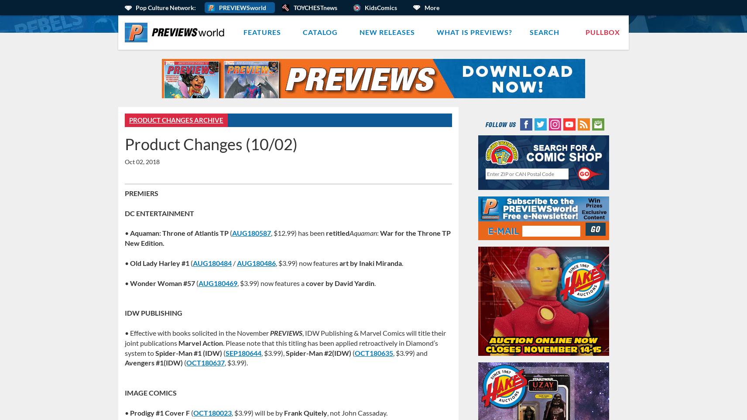  I want to click on 'Frank Quitely', so click(305, 412).